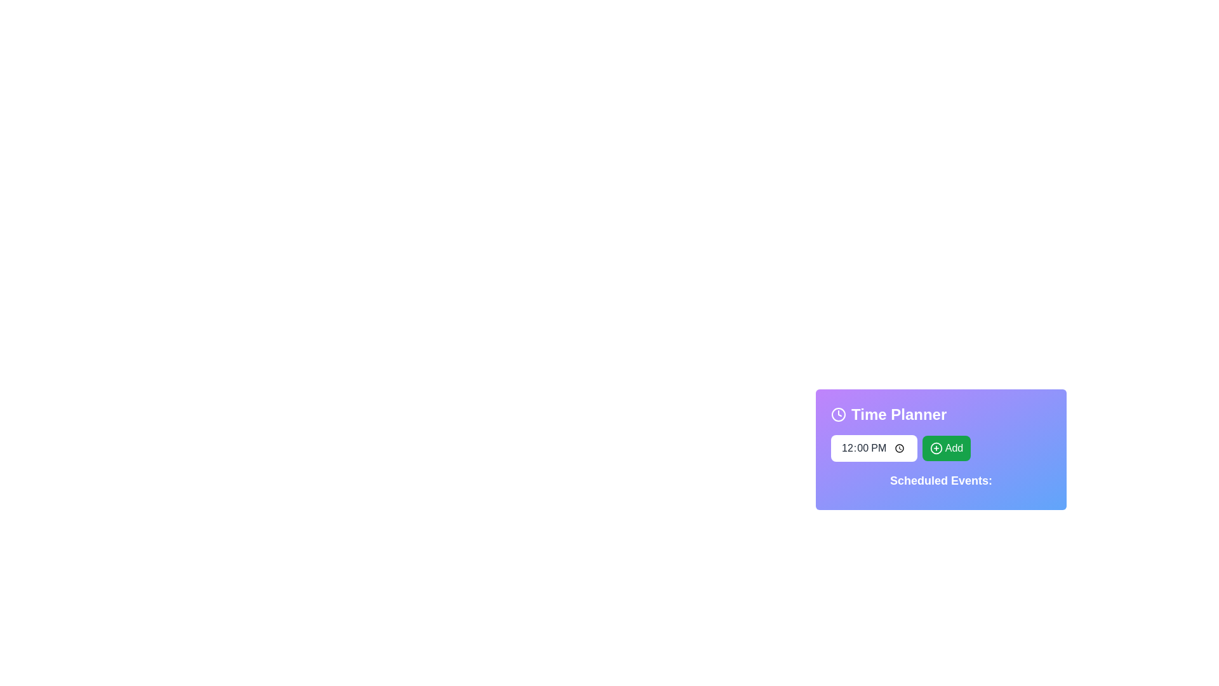  Describe the element at coordinates (936, 447) in the screenshot. I see `the circular decorative graphic within the 'Add' button in the 'Time Planner' interface` at that location.